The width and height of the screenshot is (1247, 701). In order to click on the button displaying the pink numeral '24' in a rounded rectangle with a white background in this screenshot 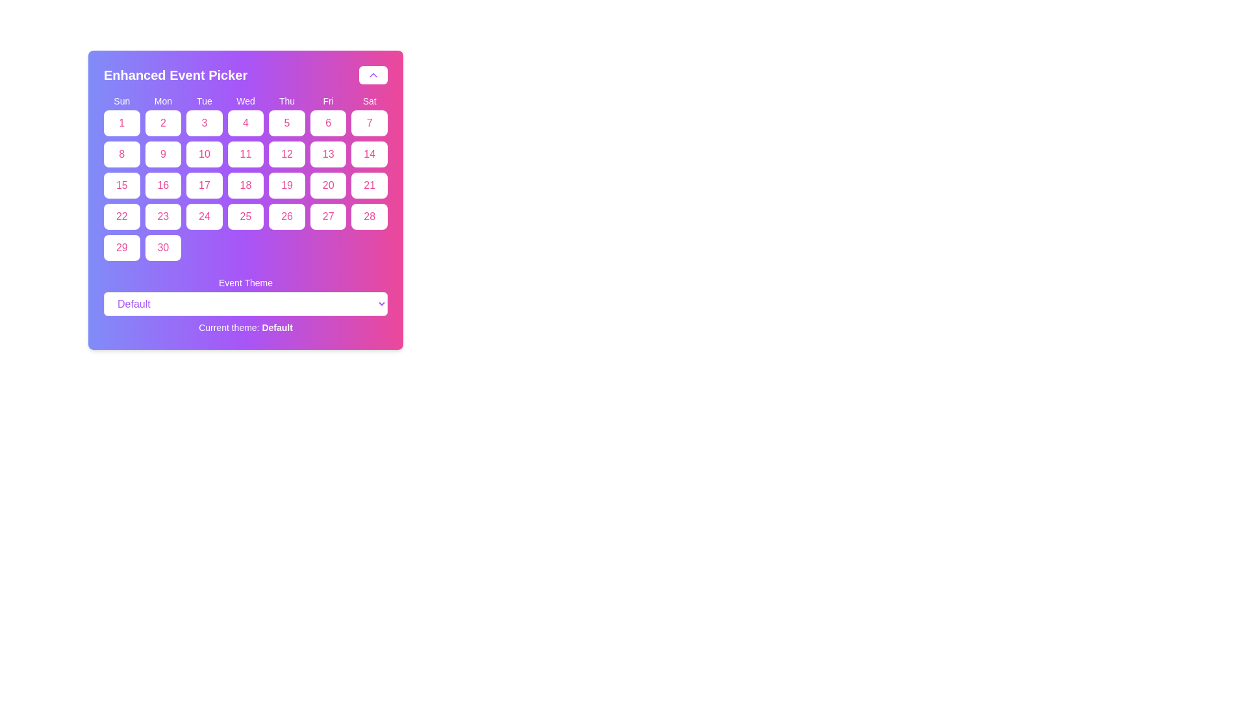, I will do `click(203, 216)`.